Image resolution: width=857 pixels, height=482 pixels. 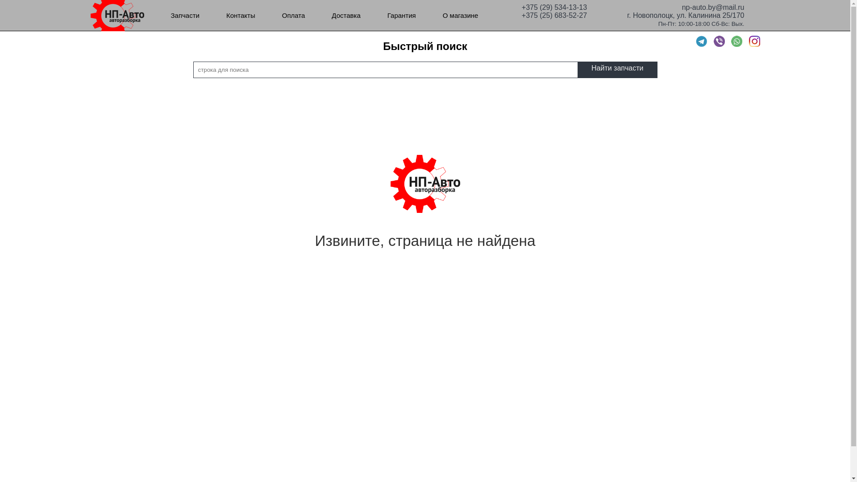 I want to click on '+375 (29) 534-13-13', so click(x=554, y=6).